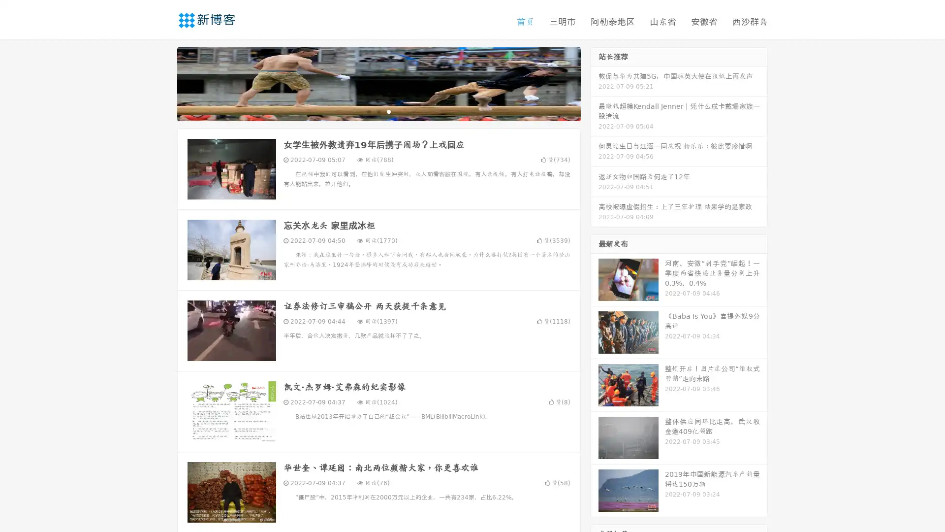  I want to click on Go to slide 2, so click(378, 111).